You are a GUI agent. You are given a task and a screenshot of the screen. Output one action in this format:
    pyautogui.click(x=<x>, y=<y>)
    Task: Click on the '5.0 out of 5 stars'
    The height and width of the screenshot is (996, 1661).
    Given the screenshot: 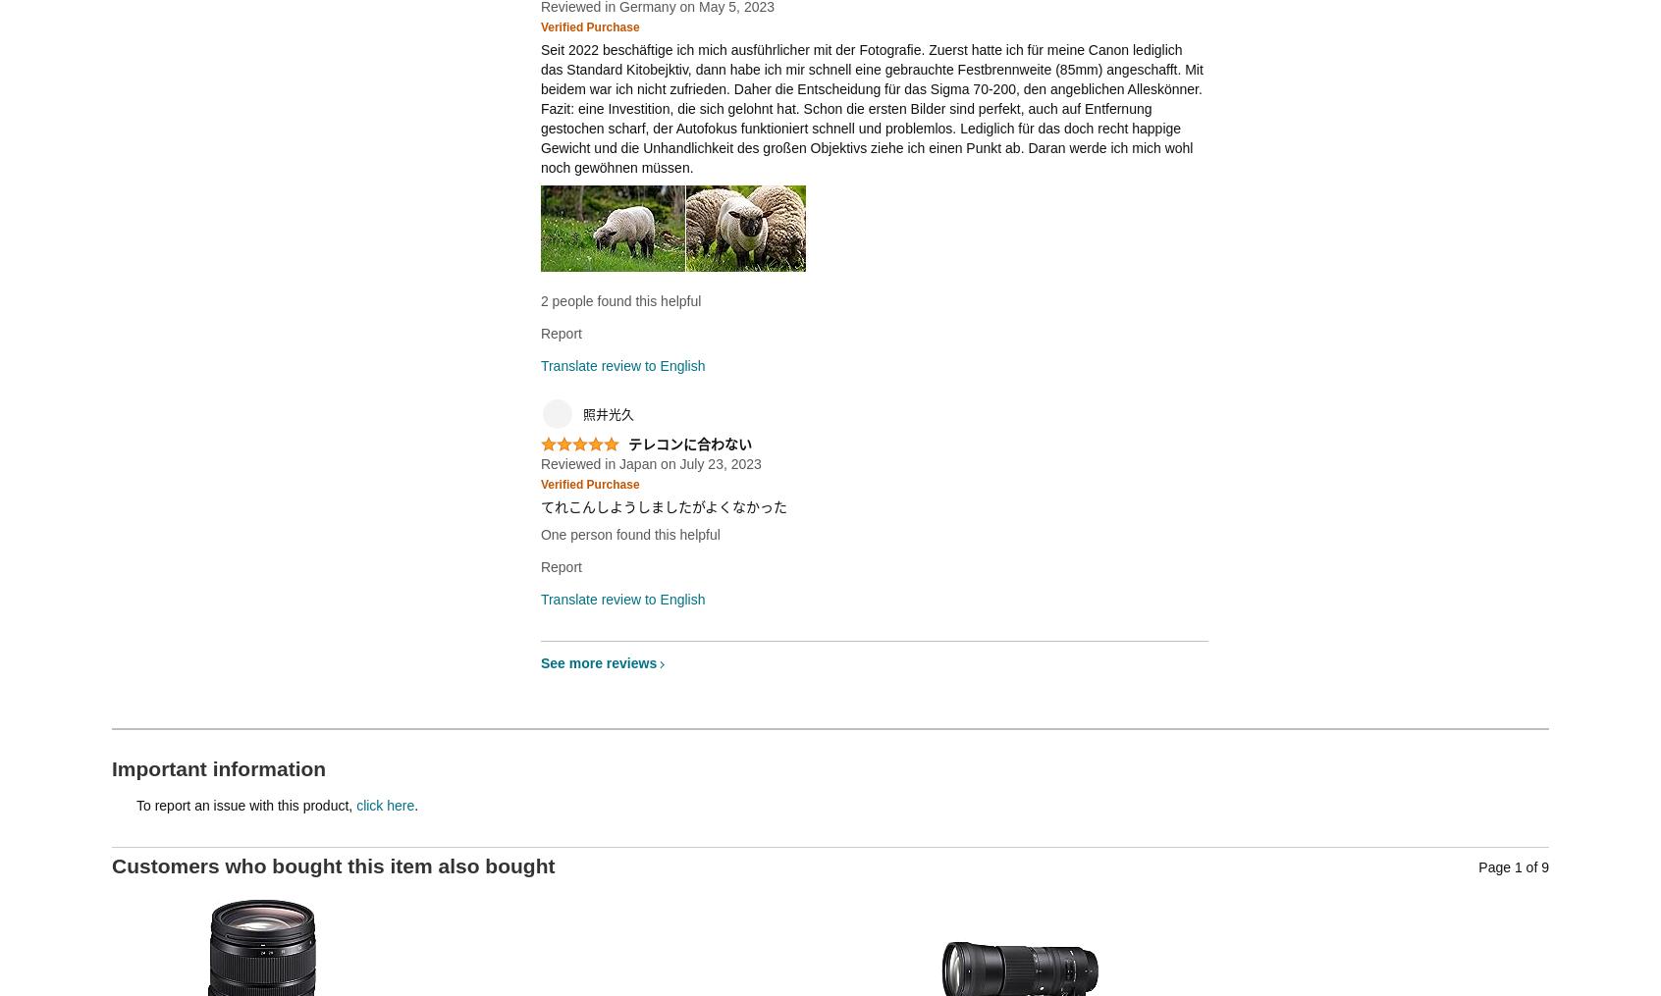 What is the action you would take?
    pyautogui.click(x=572, y=451)
    